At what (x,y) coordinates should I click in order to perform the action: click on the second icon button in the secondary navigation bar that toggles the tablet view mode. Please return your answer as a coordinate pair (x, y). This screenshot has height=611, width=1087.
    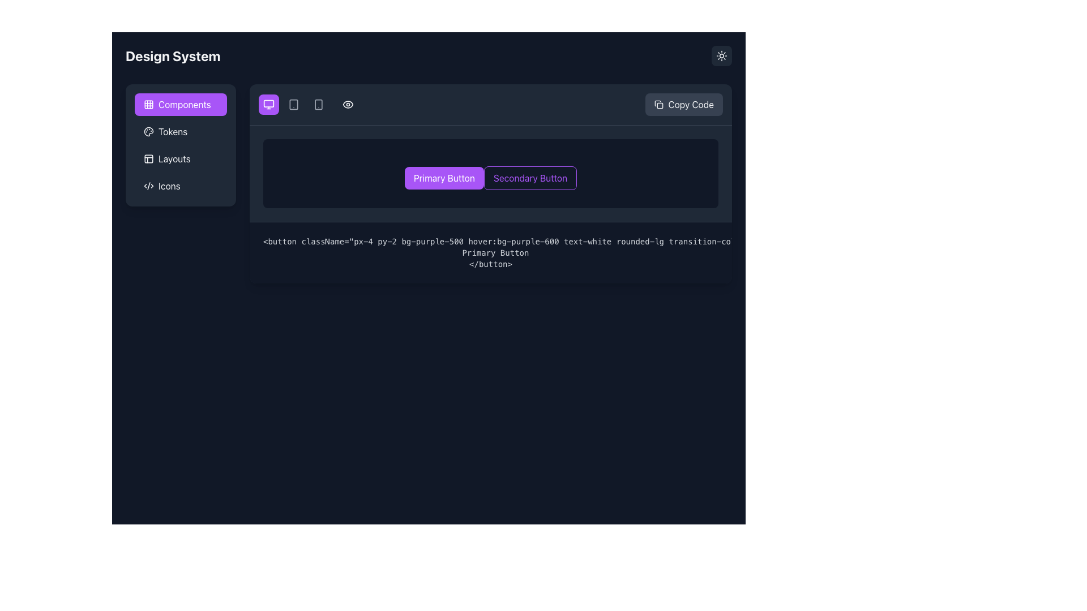
    Looking at the image, I should click on (293, 105).